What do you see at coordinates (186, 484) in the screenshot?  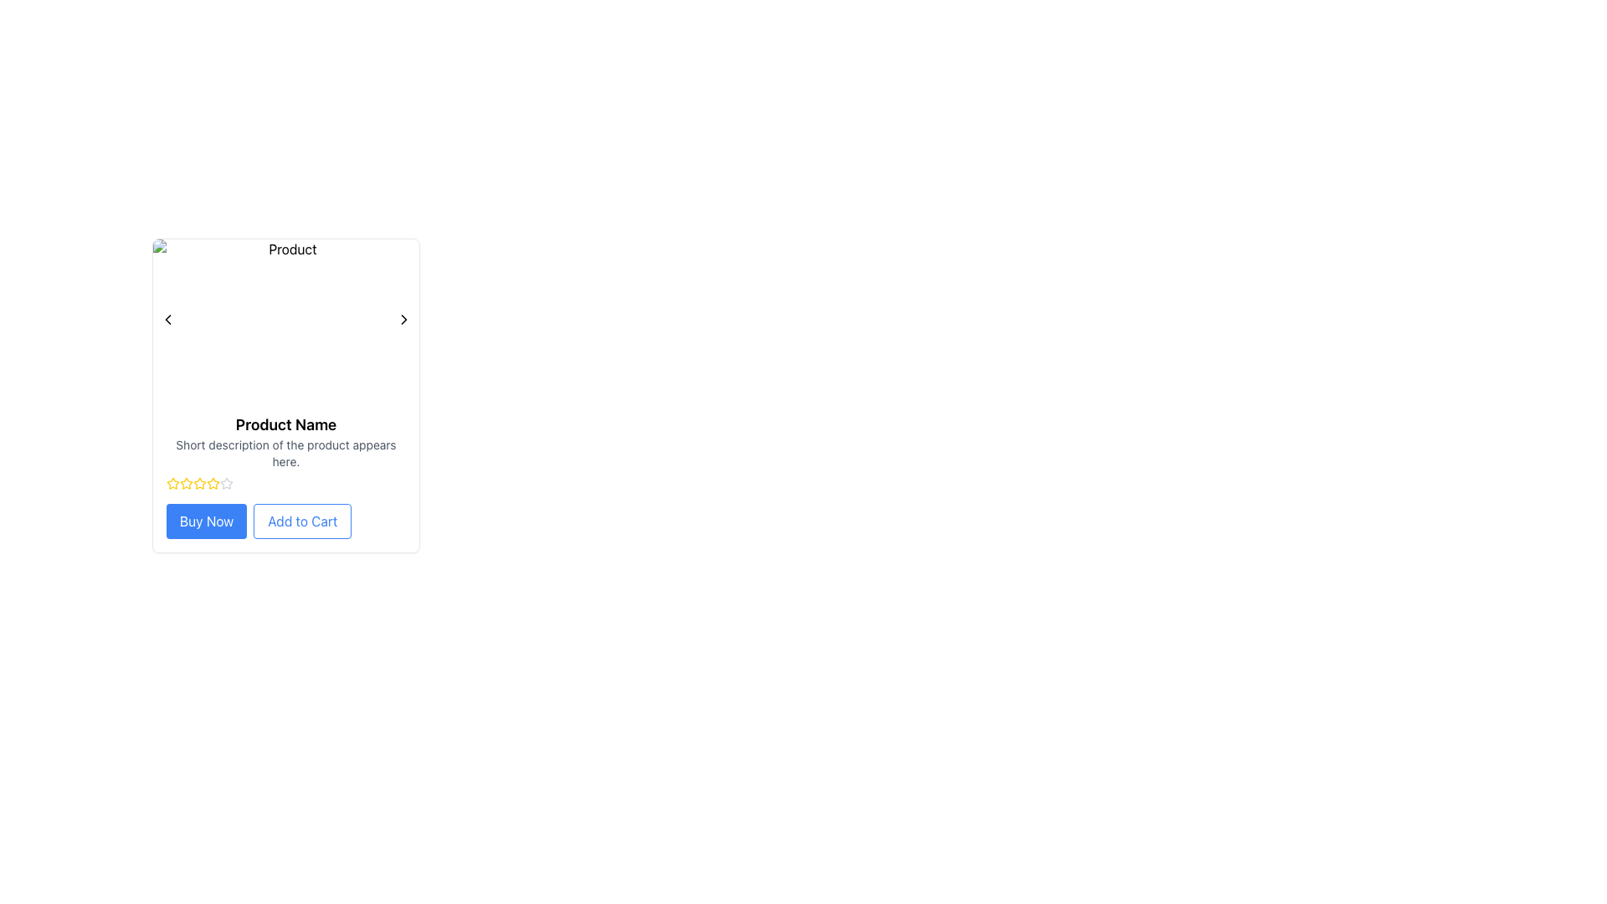 I see `the third star icon in the rating system` at bounding box center [186, 484].